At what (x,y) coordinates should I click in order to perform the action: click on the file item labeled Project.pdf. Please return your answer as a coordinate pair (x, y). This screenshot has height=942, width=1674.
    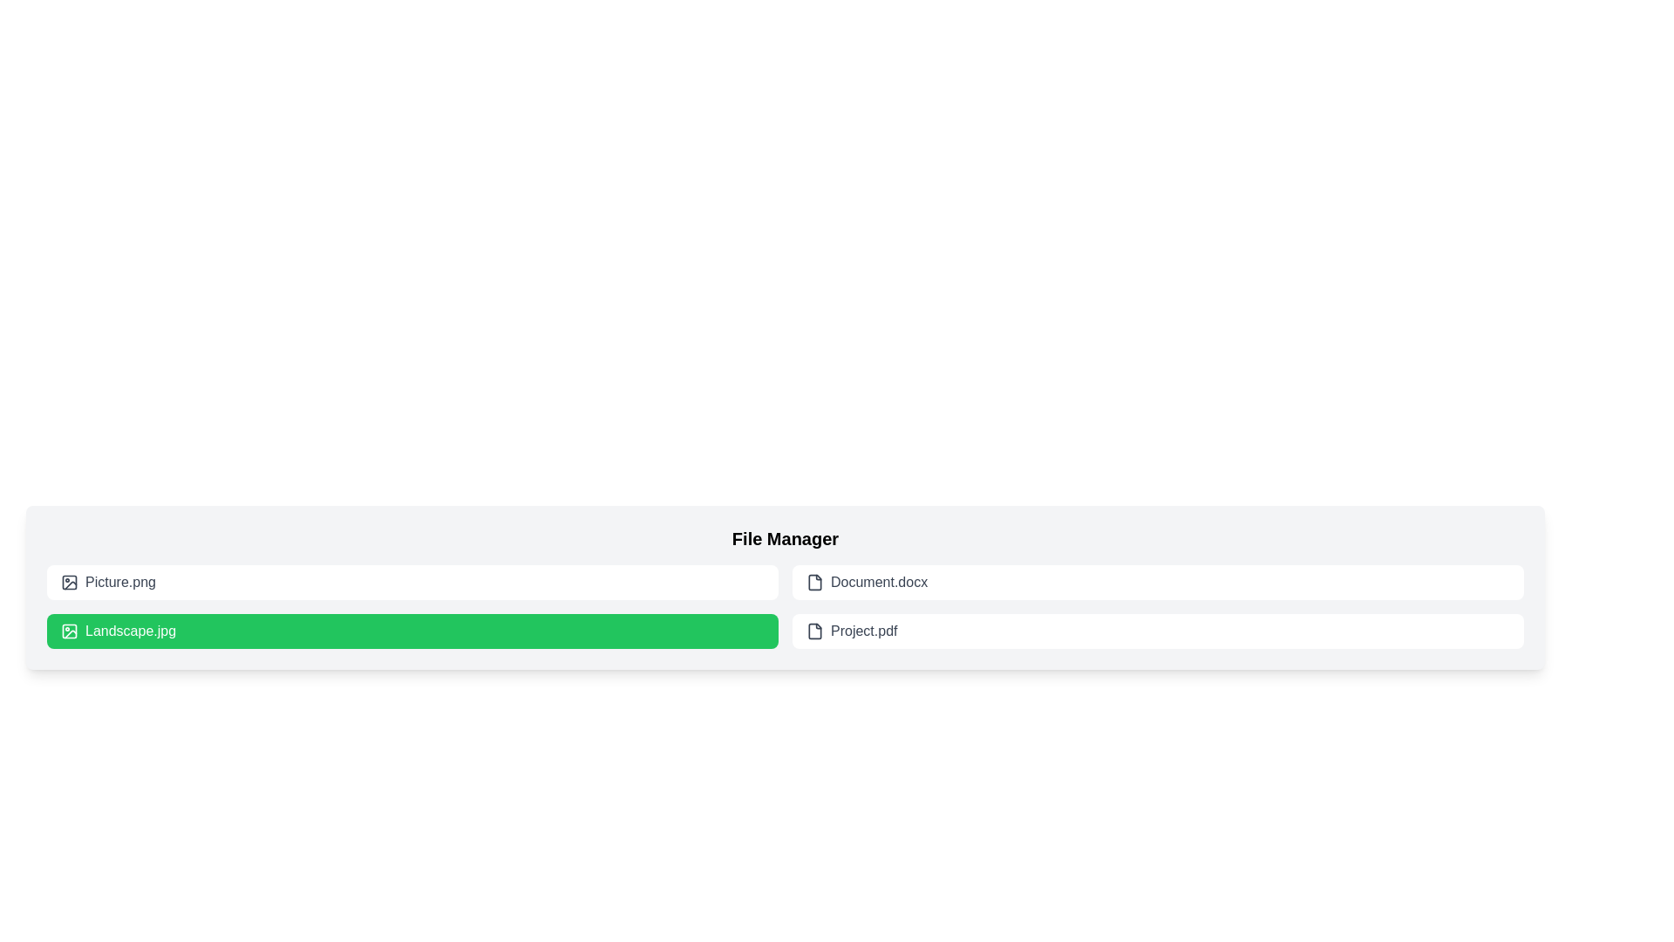
    Looking at the image, I should click on (1158, 631).